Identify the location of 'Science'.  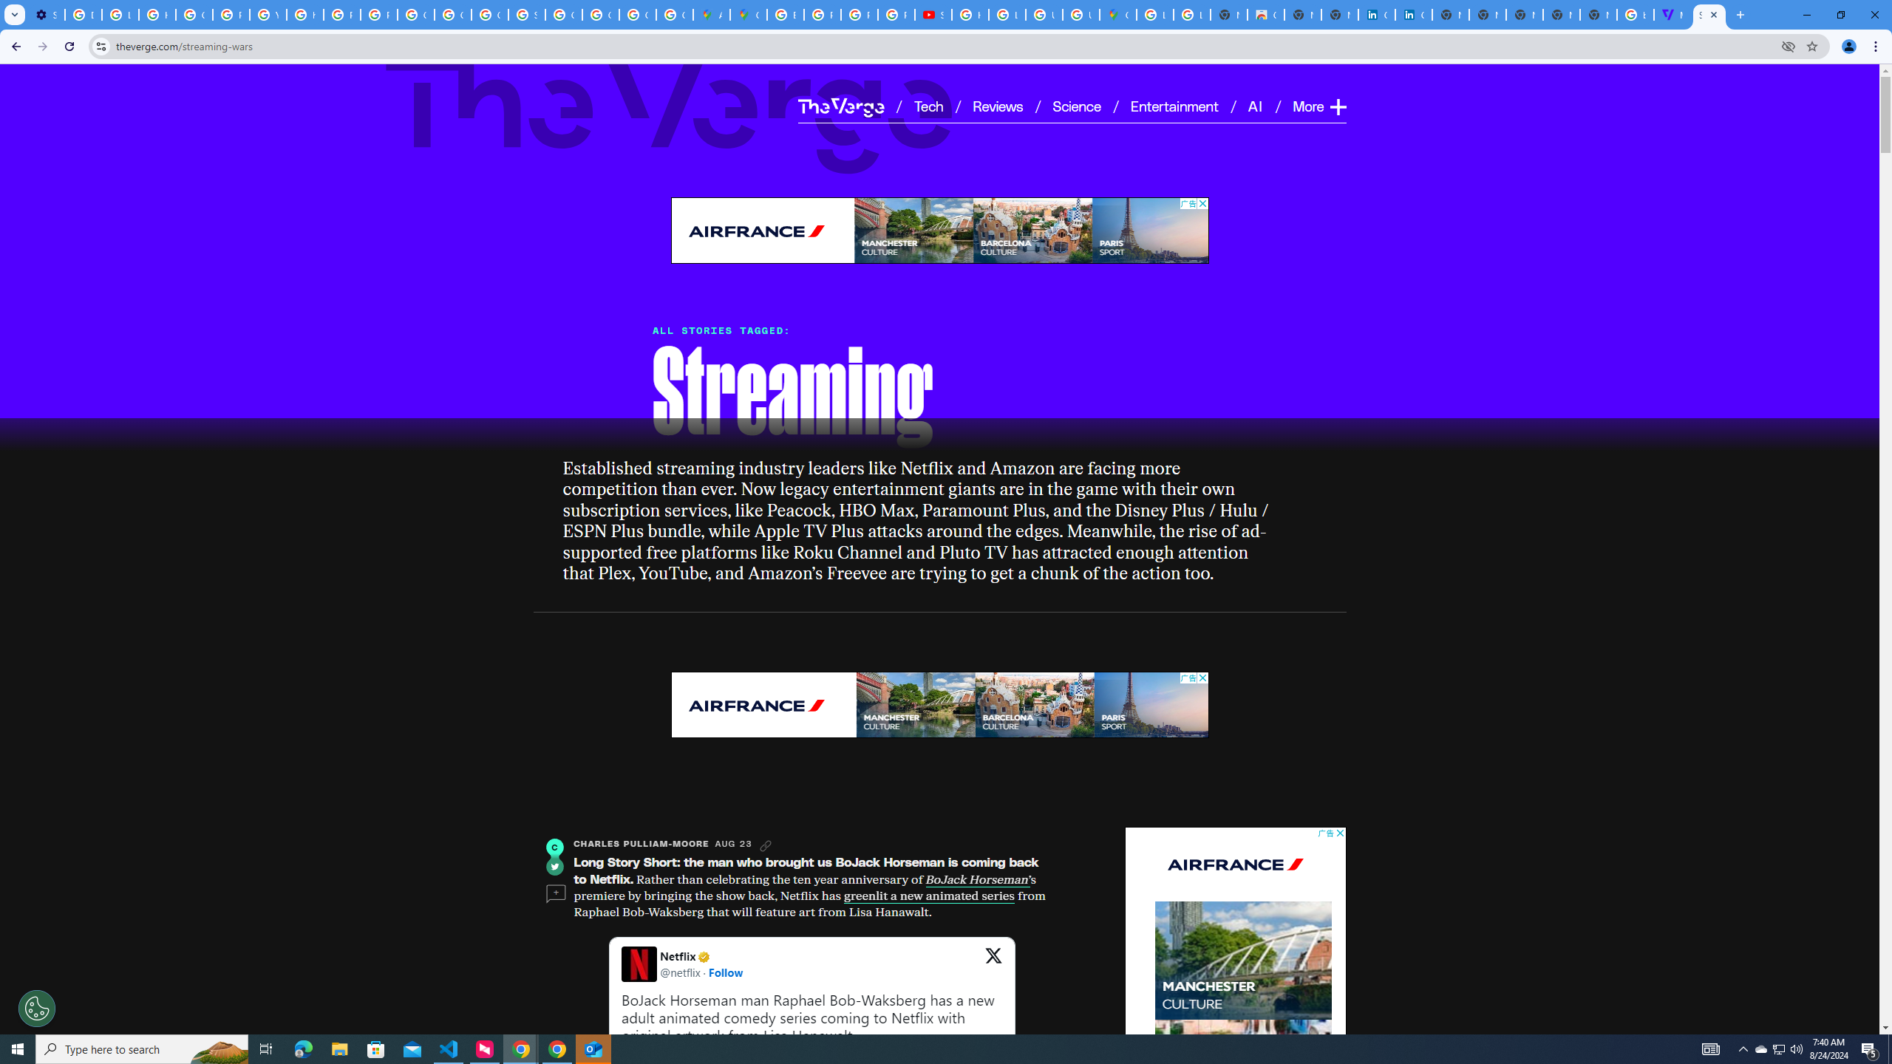
(1075, 105).